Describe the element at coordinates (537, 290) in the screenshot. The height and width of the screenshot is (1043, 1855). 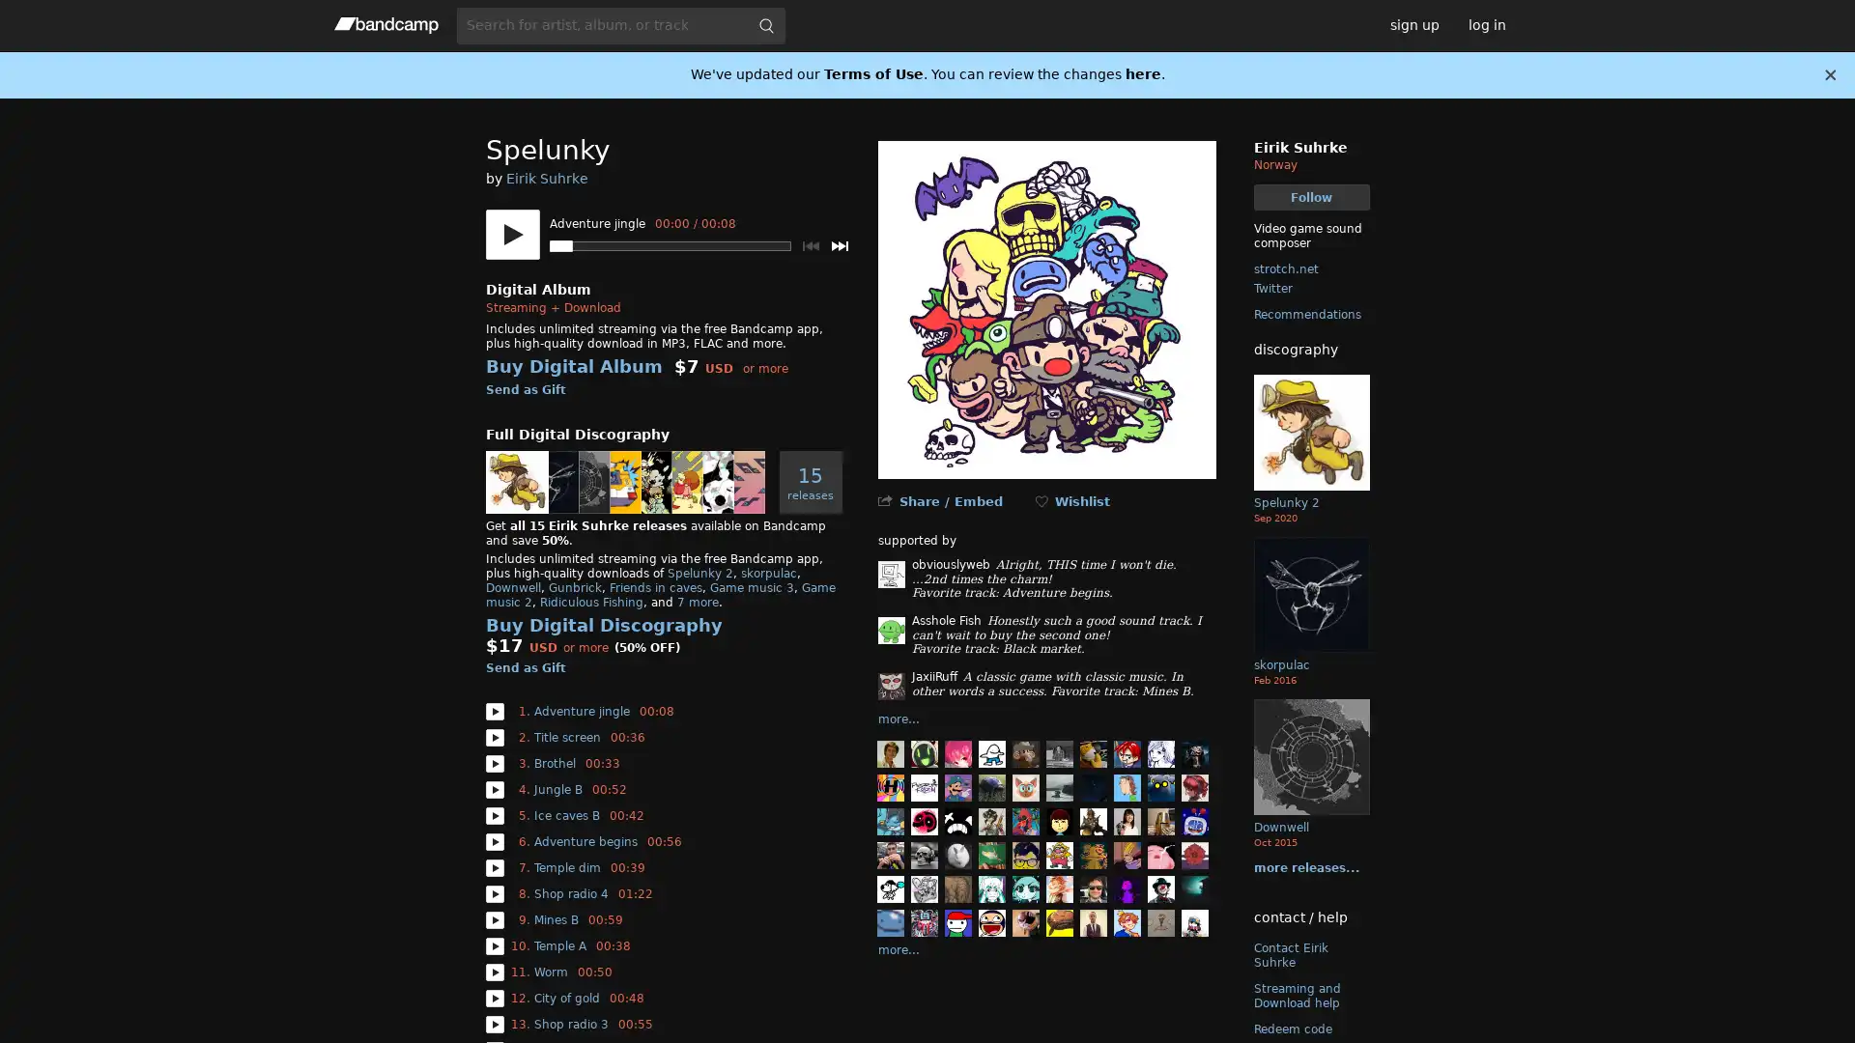
I see `Digital Album` at that location.